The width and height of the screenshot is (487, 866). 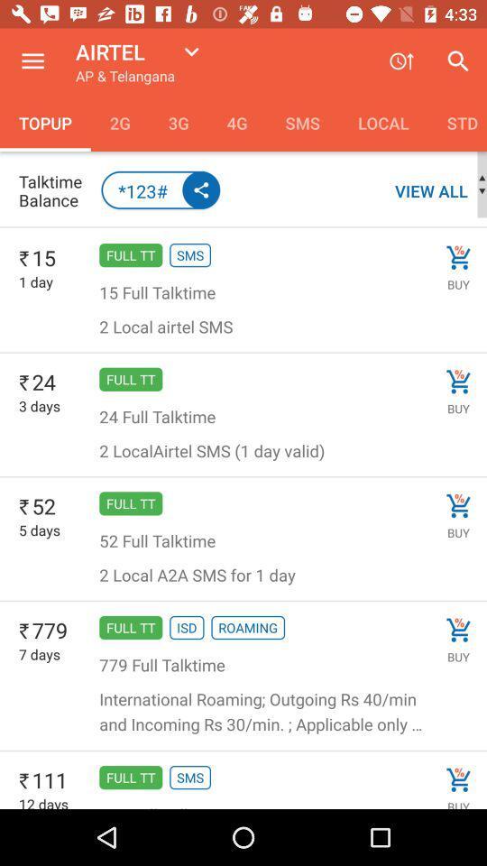 What do you see at coordinates (186, 628) in the screenshot?
I see `icon below the 2 local a2a item` at bounding box center [186, 628].